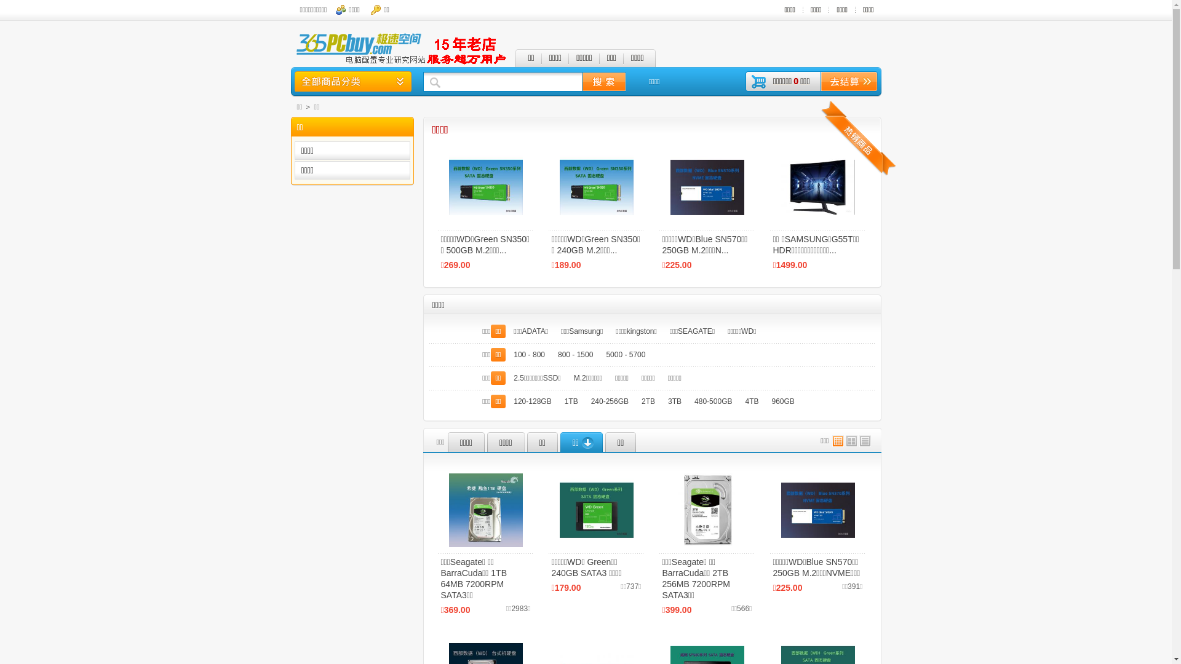 This screenshot has width=1181, height=664. I want to click on '2TB', so click(648, 401).